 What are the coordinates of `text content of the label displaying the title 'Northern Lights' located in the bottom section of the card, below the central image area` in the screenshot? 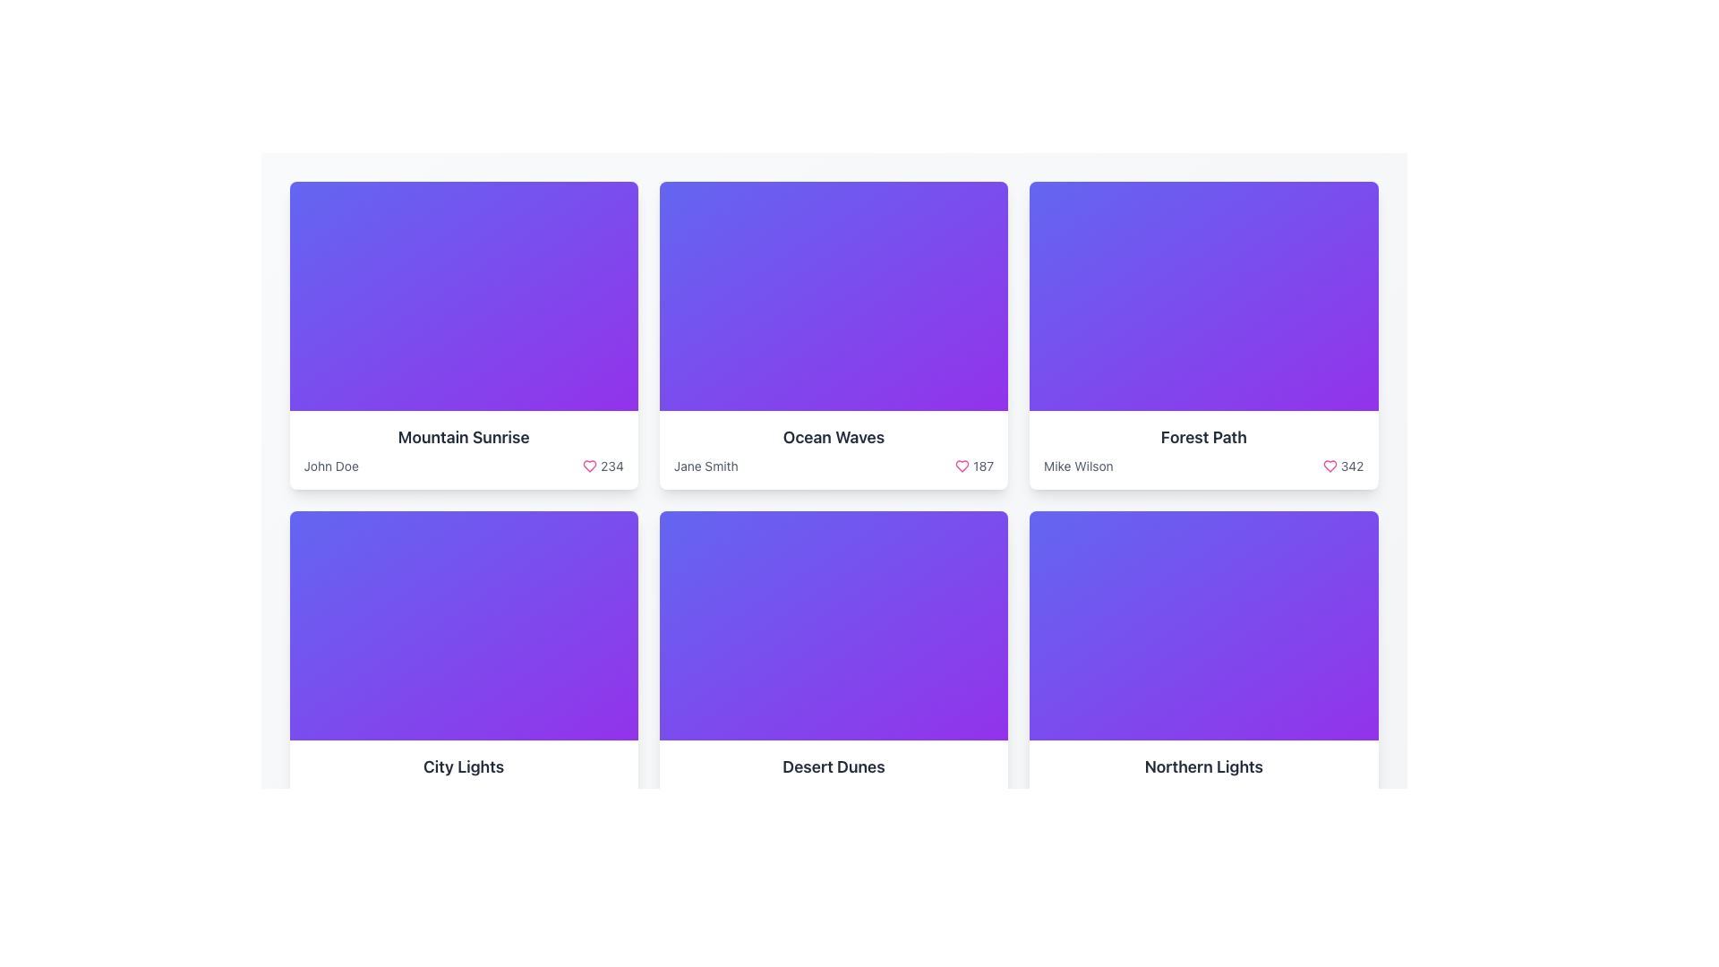 It's located at (1203, 779).